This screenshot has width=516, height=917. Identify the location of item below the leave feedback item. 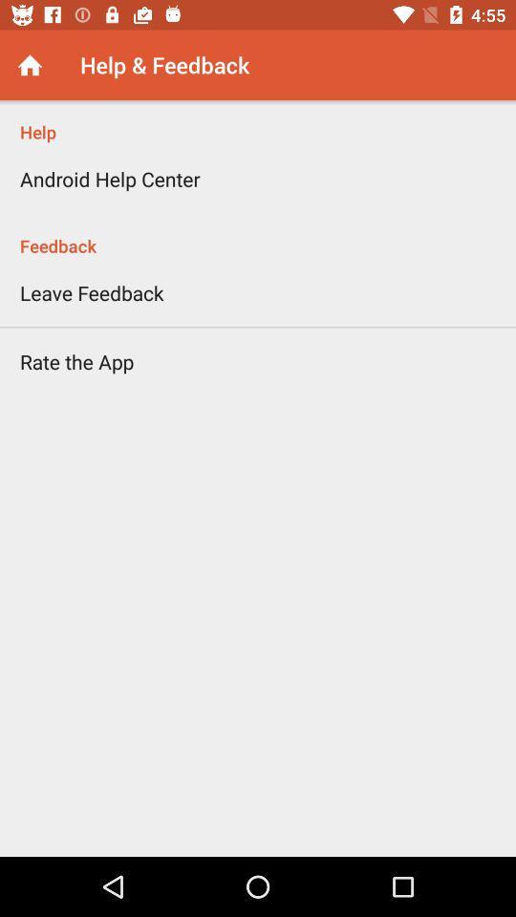
(75, 360).